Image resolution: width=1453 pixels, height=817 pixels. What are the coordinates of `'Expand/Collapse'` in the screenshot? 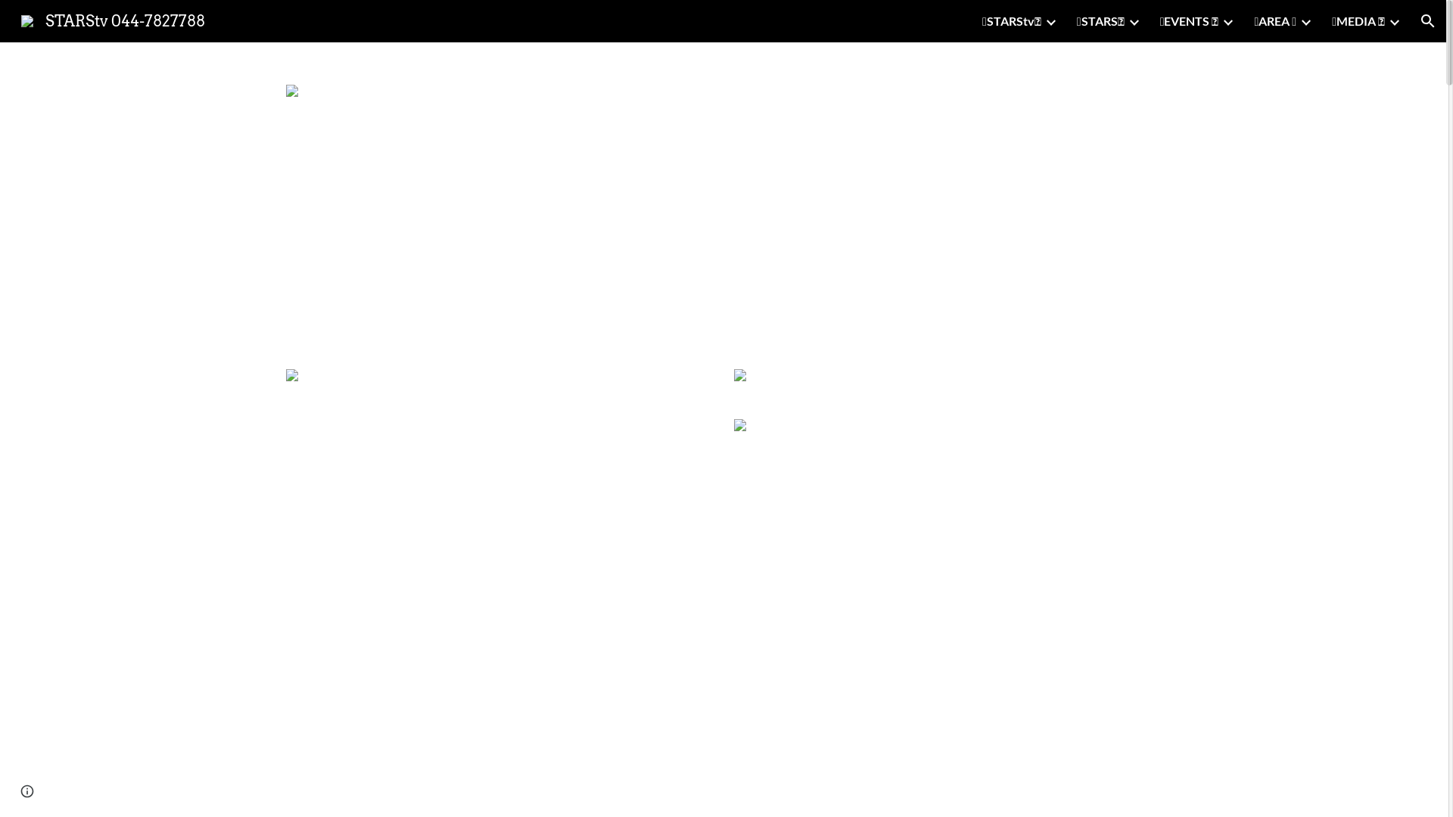 It's located at (1393, 20).